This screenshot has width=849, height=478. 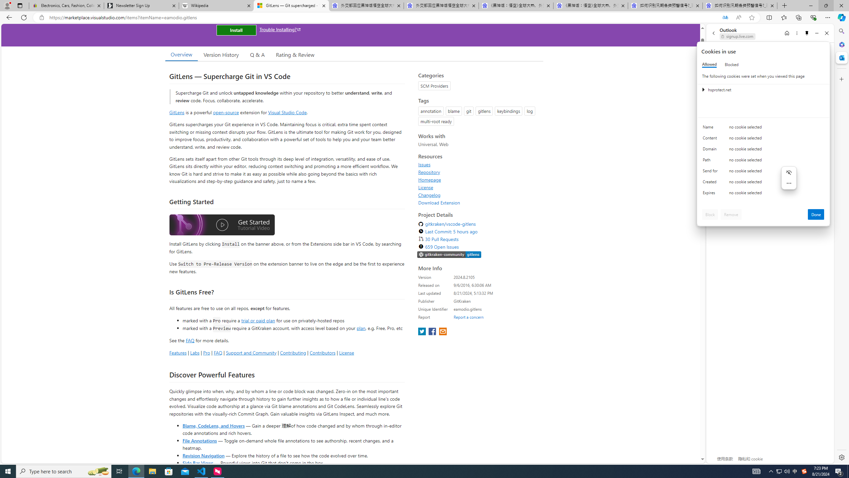 I want to click on 'Domain', so click(x=711, y=150).